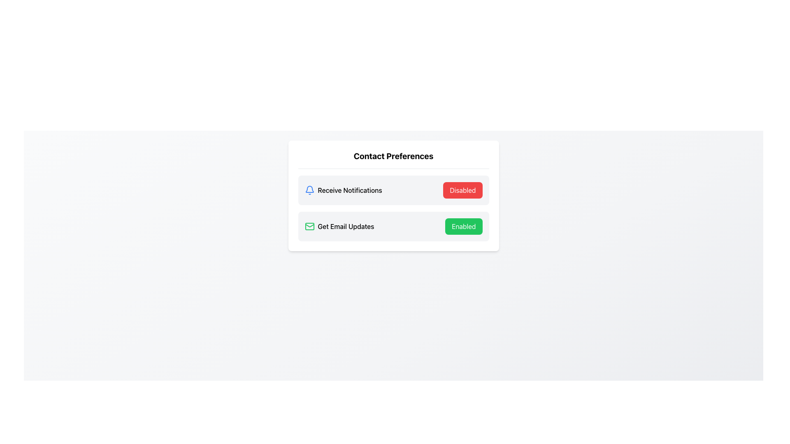  I want to click on the green button with rounded corners labeled 'Enabled', so click(464, 227).